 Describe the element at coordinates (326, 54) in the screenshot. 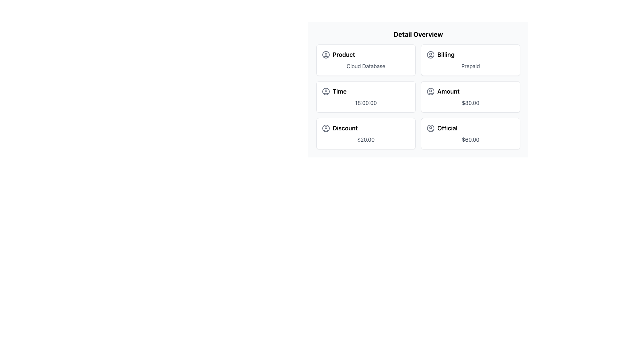

I see `the user or profile icon located in the first row of the grid layout, to the left of the 'Product' label` at that location.